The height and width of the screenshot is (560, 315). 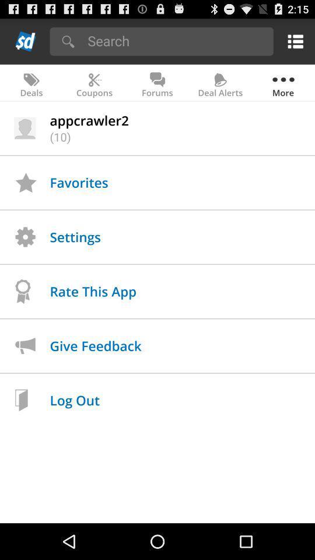 I want to click on open menu, so click(x=293, y=41).